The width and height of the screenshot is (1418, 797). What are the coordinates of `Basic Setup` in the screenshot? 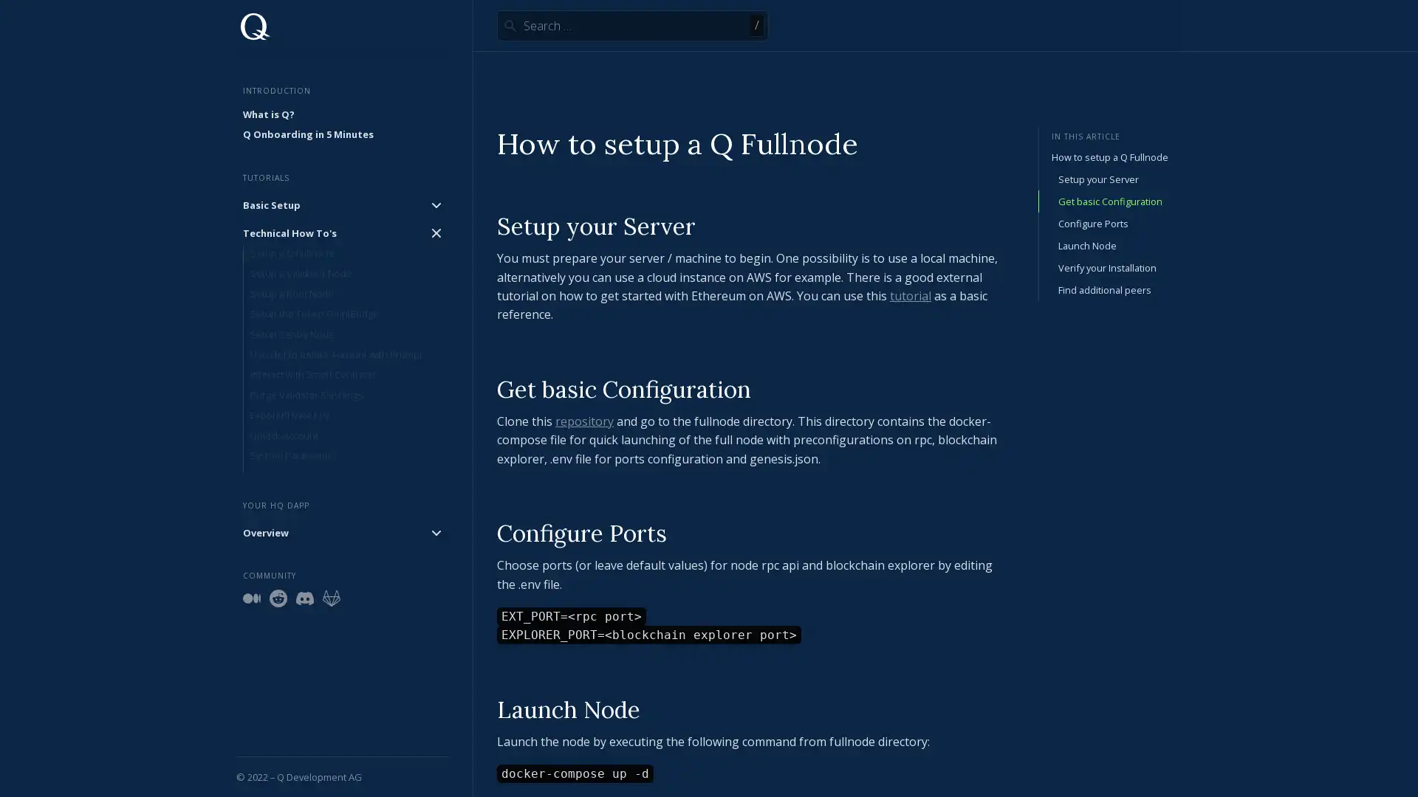 It's located at (342, 204).